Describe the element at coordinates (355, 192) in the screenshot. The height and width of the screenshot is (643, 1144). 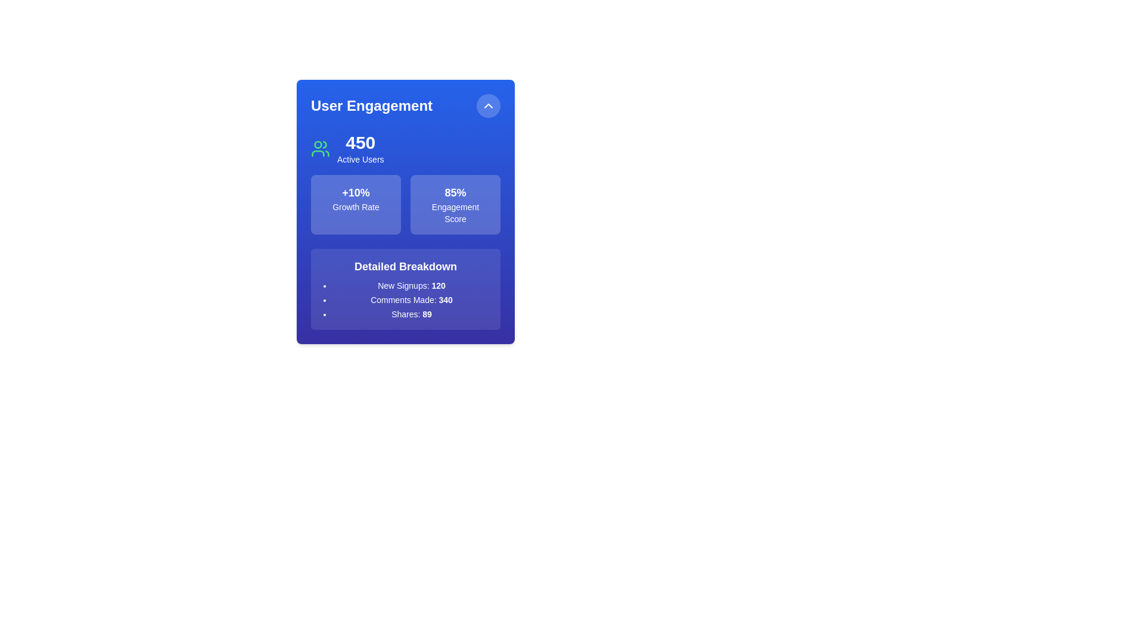
I see `the static informational text displaying '+10%' in bold white font on a light blue background, located in the middle-left section of the UI` at that location.